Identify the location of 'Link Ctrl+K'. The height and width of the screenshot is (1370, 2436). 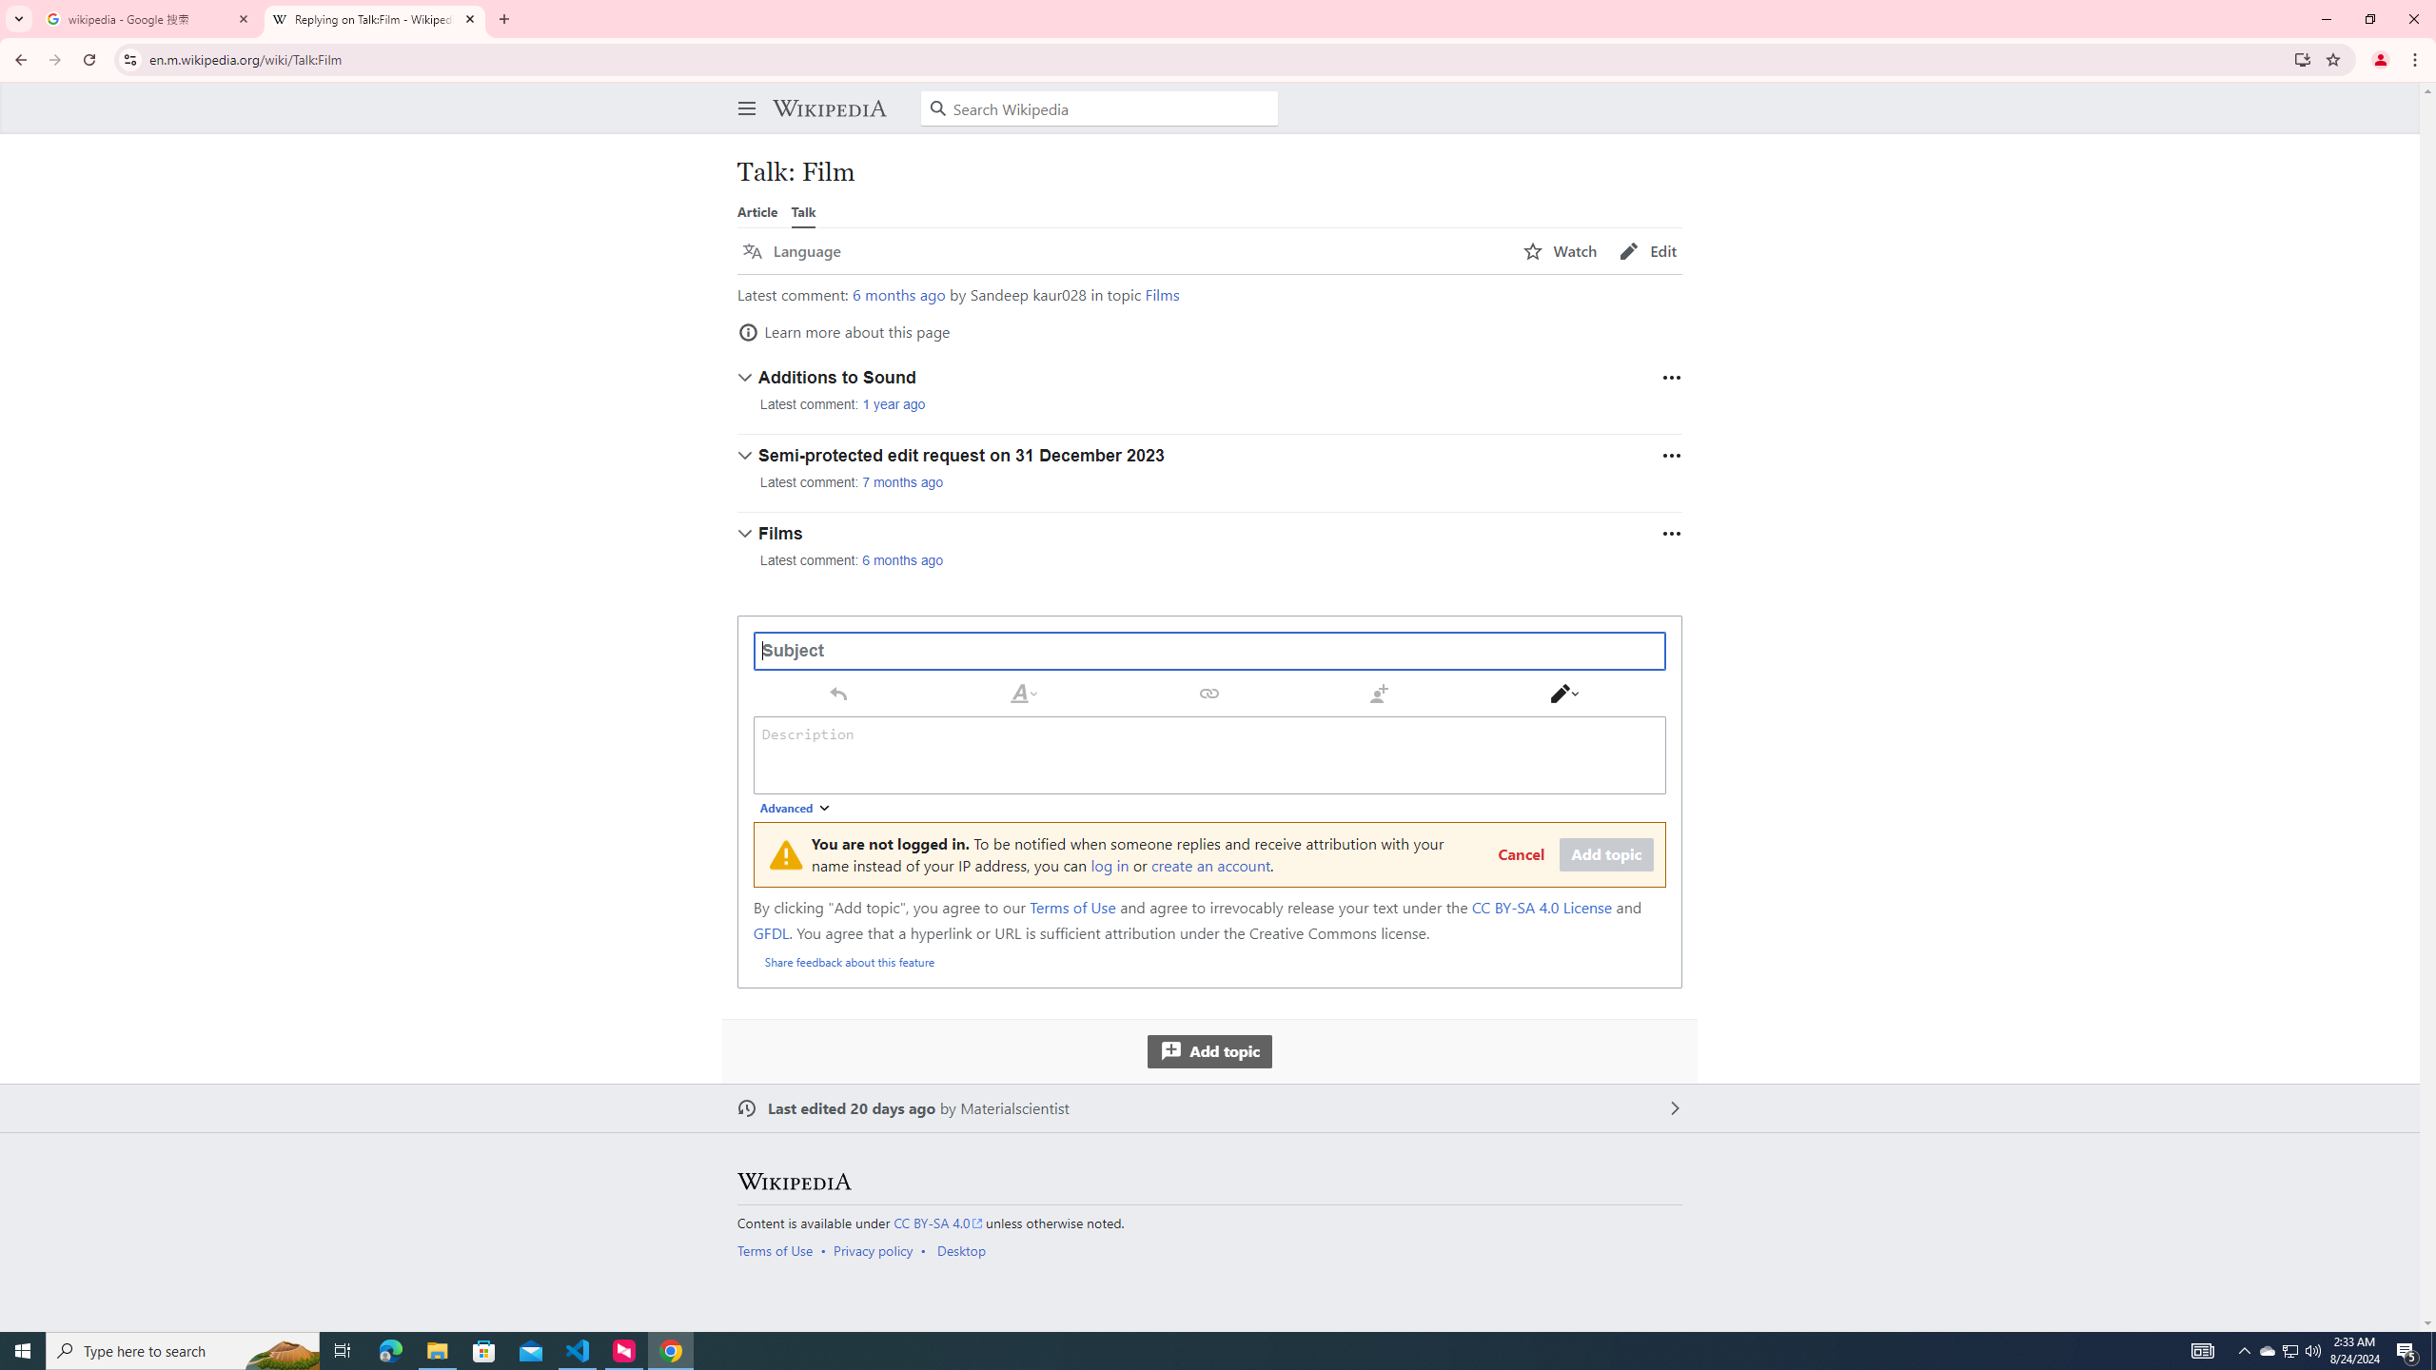
(1209, 692).